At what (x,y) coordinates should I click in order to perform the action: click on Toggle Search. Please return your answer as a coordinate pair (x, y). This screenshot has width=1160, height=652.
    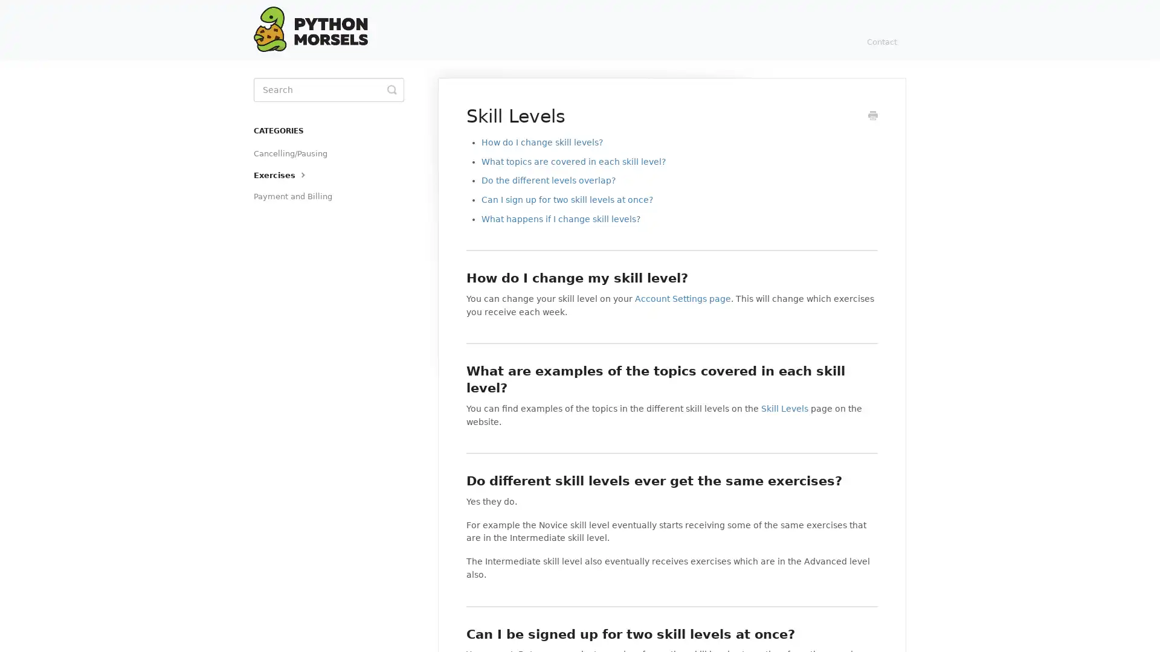
    Looking at the image, I should click on (391, 89).